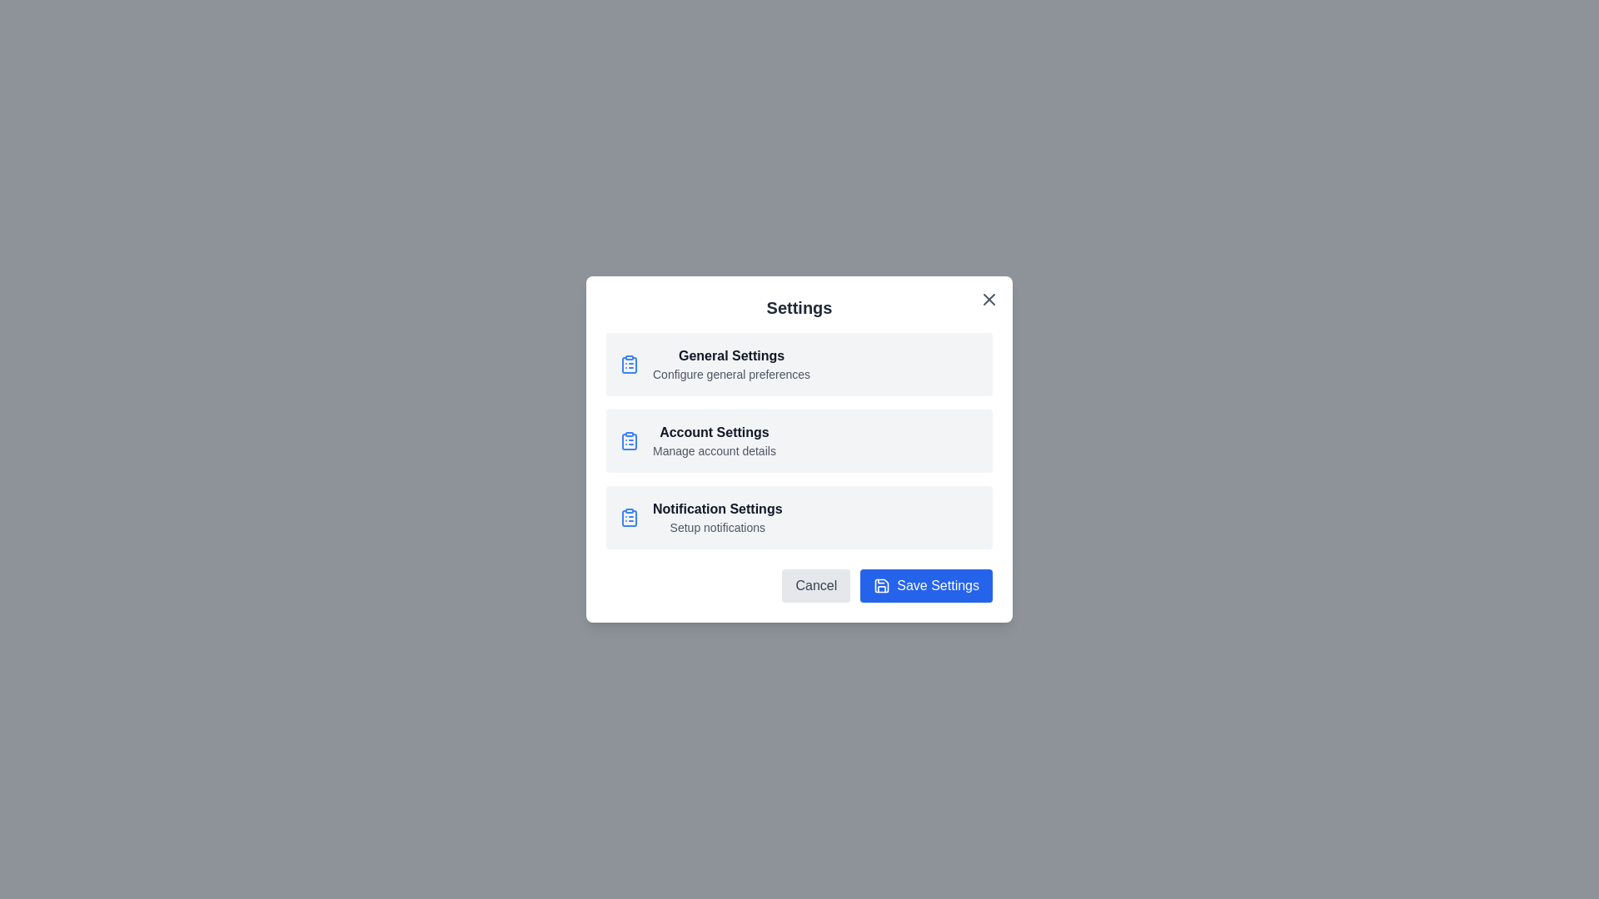 The width and height of the screenshot is (1599, 899). Describe the element at coordinates (628, 365) in the screenshot. I see `the clipboard icon with a checkmark in the 'General Settings' option` at that location.